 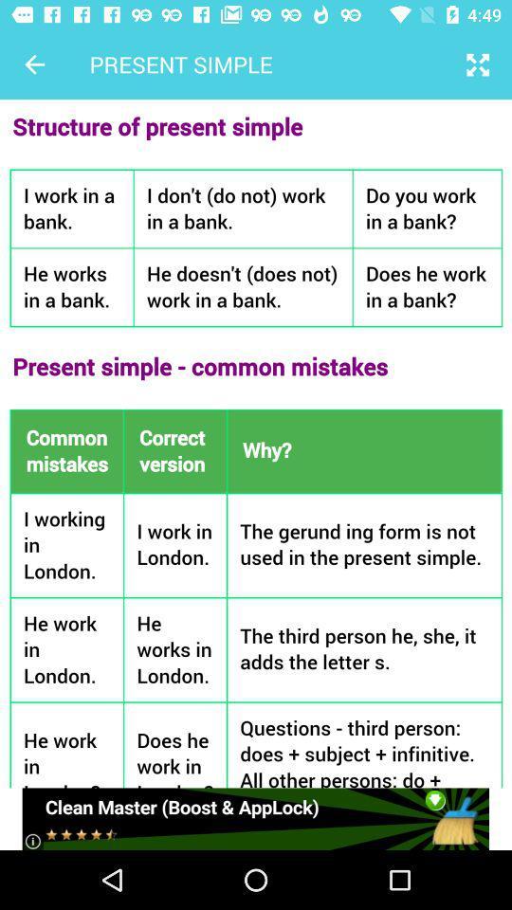 I want to click on advertisement image, so click(x=255, y=818).